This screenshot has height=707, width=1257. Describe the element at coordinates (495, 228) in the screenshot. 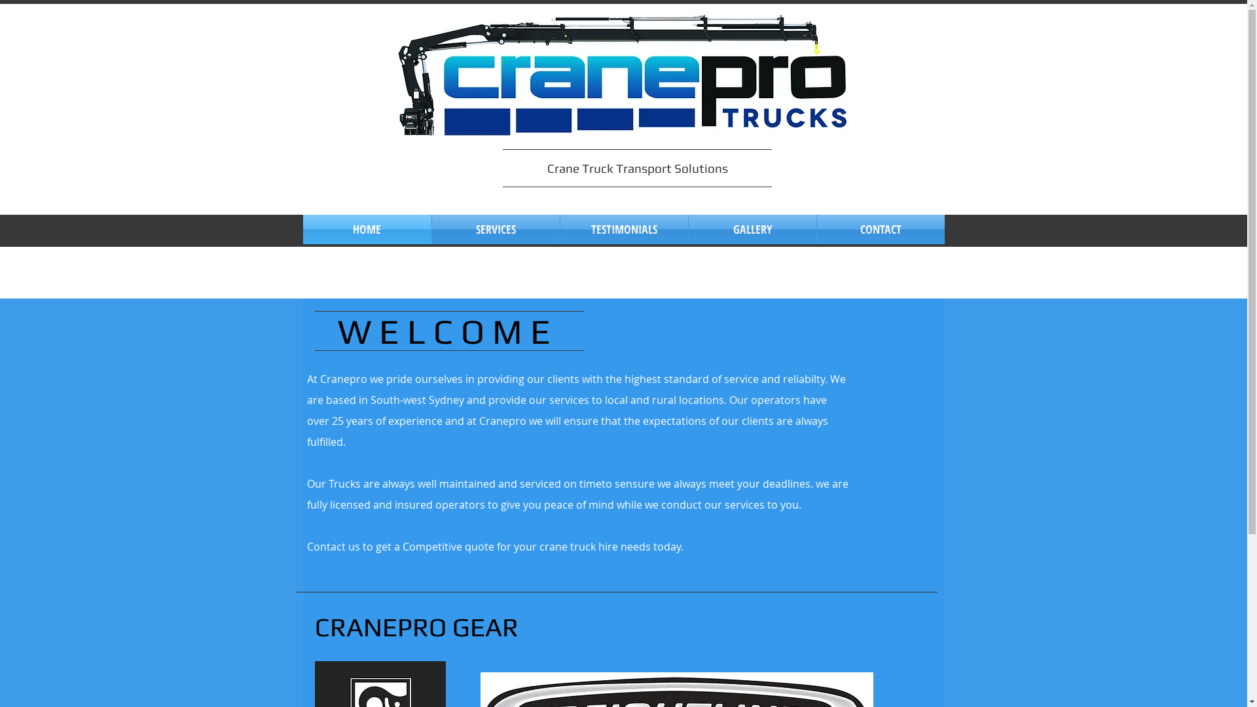

I see `'SERVICES'` at that location.